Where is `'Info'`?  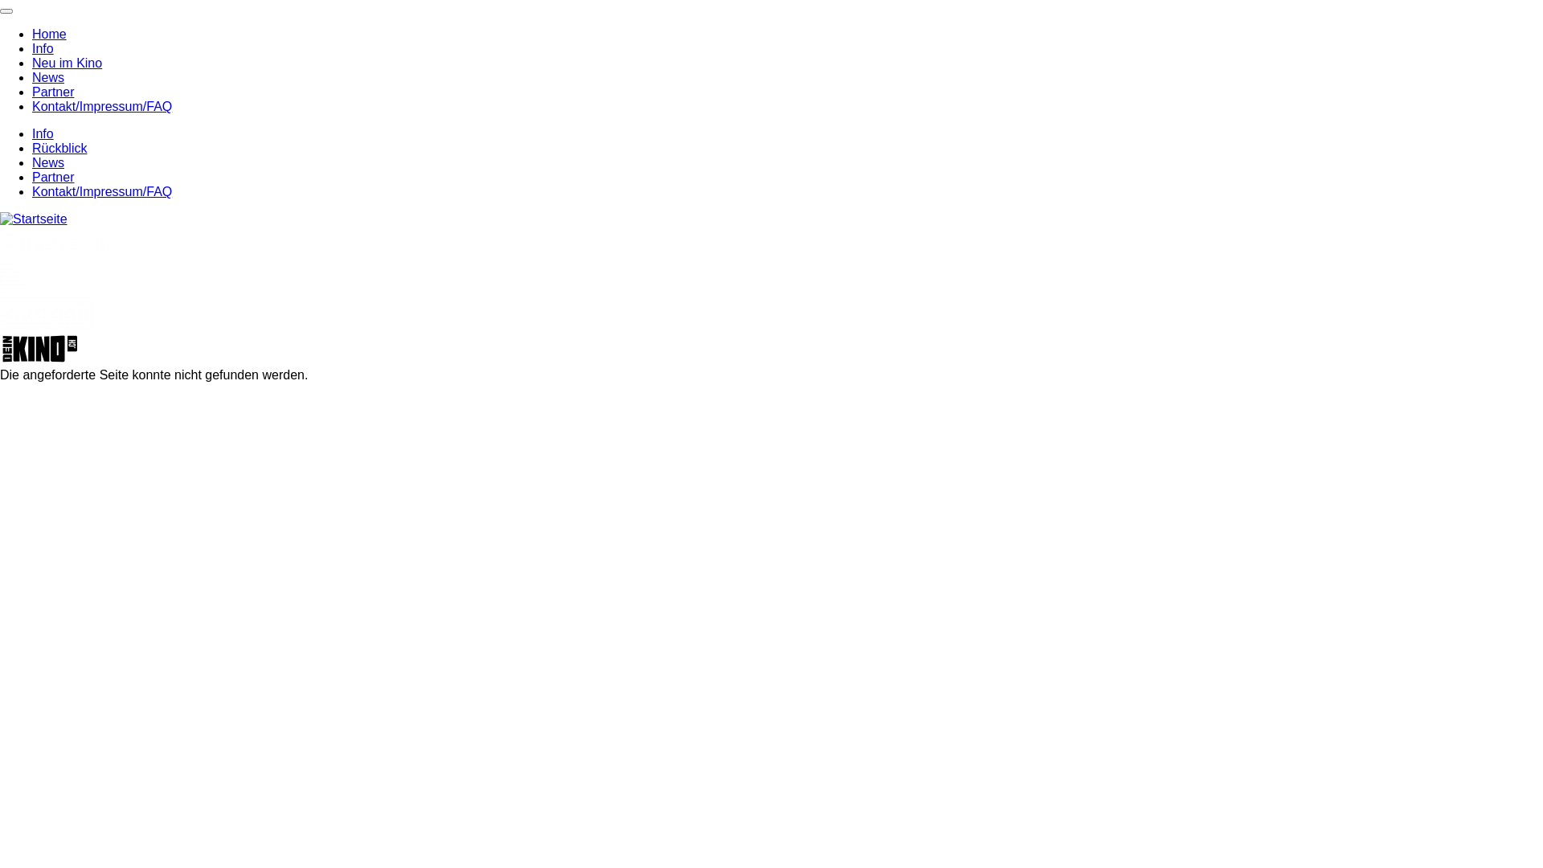 'Info' is located at coordinates (43, 47).